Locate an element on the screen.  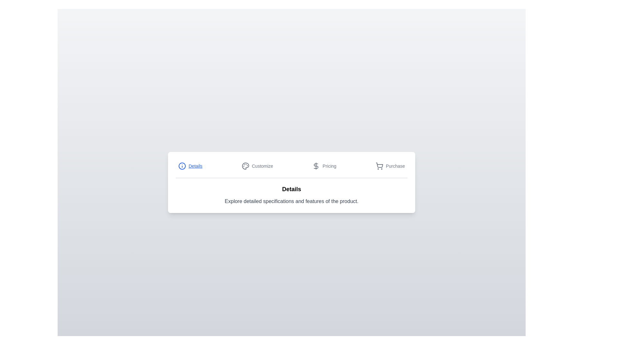
the Customize tab is located at coordinates (257, 165).